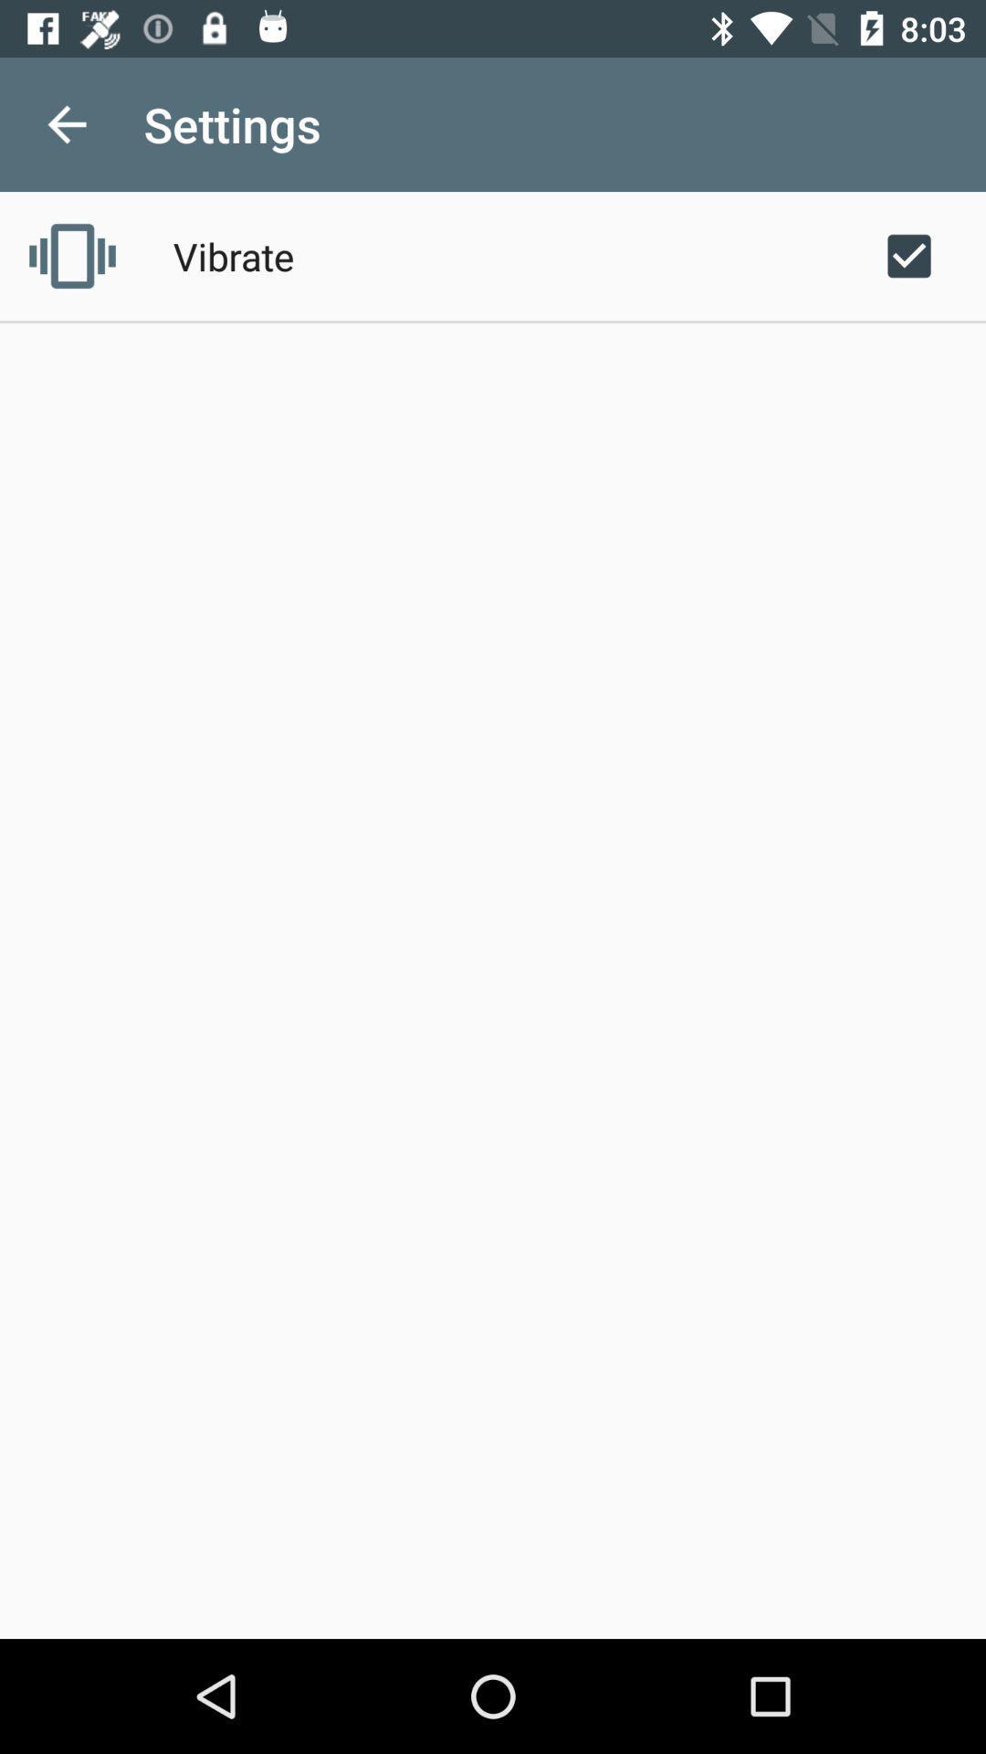 The height and width of the screenshot is (1754, 986). Describe the element at coordinates (908, 255) in the screenshot. I see `the item to the right of vibrate` at that location.